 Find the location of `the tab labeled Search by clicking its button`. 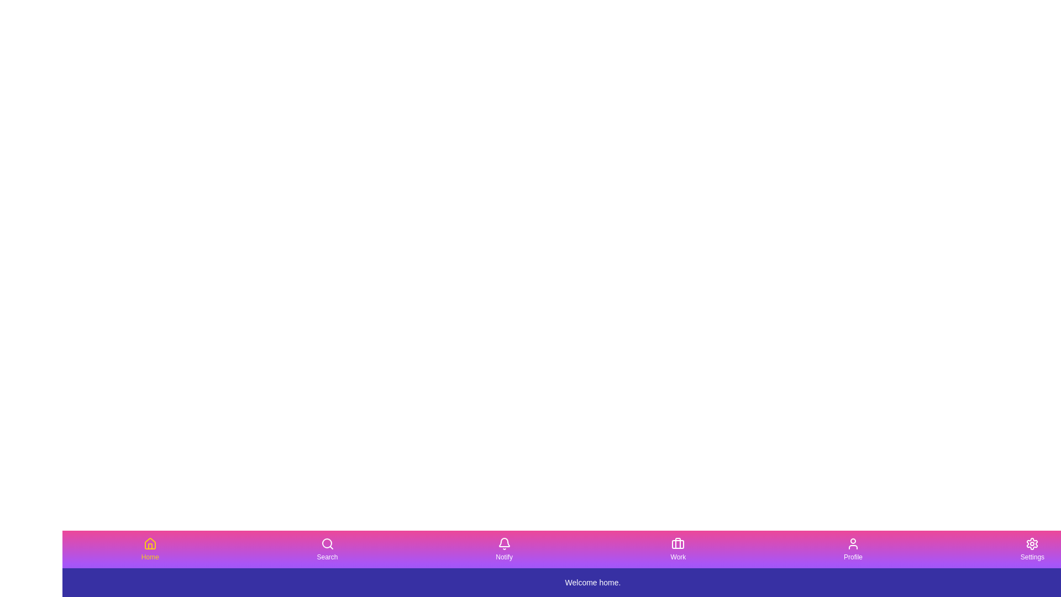

the tab labeled Search by clicking its button is located at coordinates (326, 549).